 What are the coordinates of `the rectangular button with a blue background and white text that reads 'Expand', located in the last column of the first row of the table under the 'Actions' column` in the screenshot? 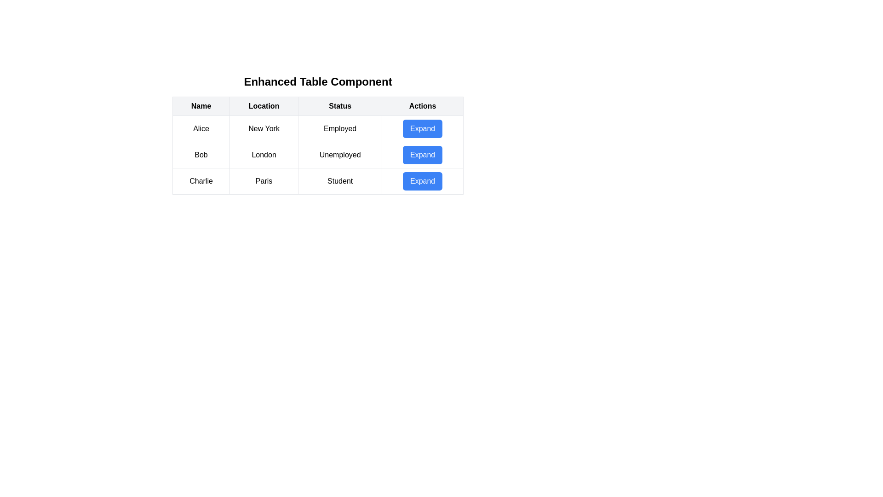 It's located at (422, 129).